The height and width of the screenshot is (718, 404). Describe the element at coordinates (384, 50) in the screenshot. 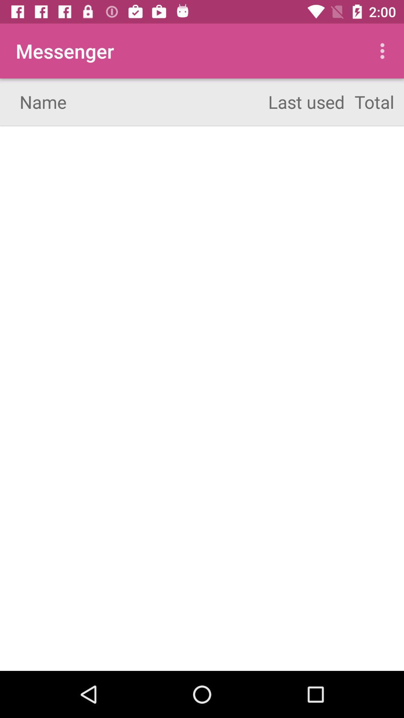

I see `the icon above total` at that location.